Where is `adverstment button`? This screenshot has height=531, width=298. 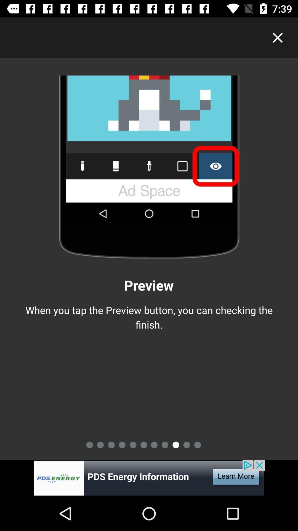 adverstment button is located at coordinates (149, 478).